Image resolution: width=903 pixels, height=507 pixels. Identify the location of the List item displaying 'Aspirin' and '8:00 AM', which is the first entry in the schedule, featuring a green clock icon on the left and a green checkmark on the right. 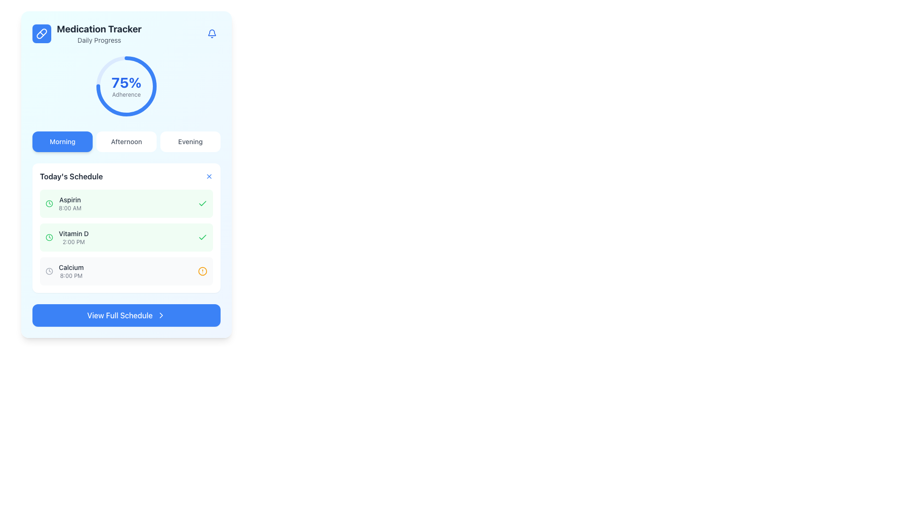
(63, 203).